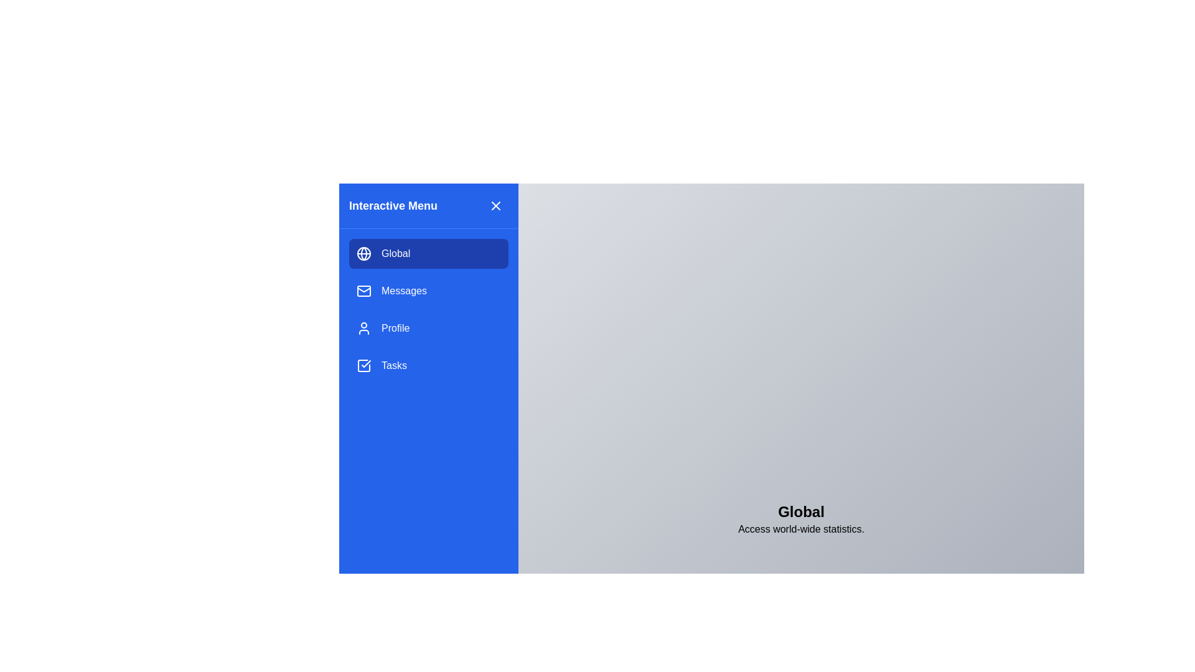 The image size is (1195, 672). I want to click on the topmost button labeled 'Global' in the navigation menu, so click(429, 253).